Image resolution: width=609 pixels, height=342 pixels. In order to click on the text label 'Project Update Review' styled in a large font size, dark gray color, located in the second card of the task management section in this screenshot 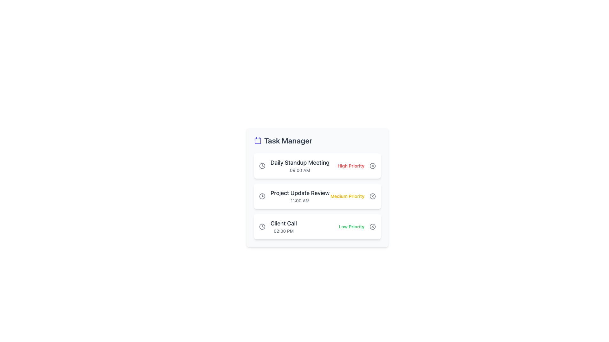, I will do `click(299, 193)`.